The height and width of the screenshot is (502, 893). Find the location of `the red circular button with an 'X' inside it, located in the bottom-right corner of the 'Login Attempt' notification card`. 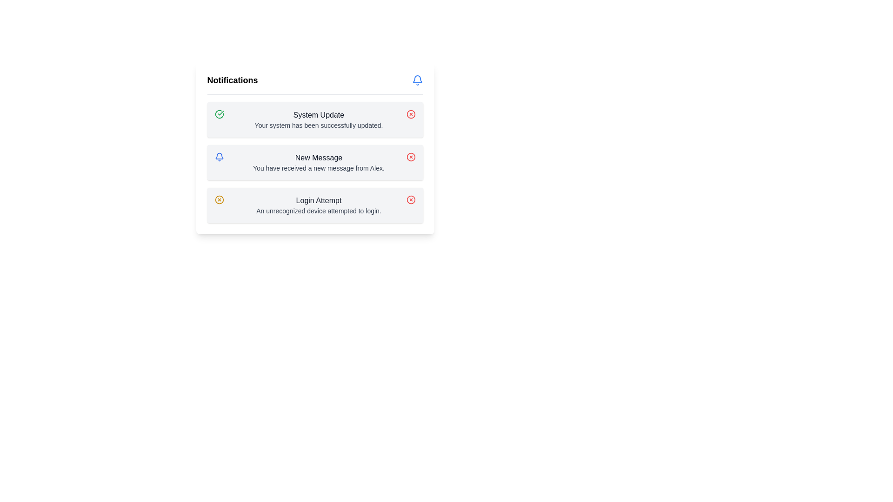

the red circular button with an 'X' inside it, located in the bottom-right corner of the 'Login Attempt' notification card is located at coordinates (410, 199).